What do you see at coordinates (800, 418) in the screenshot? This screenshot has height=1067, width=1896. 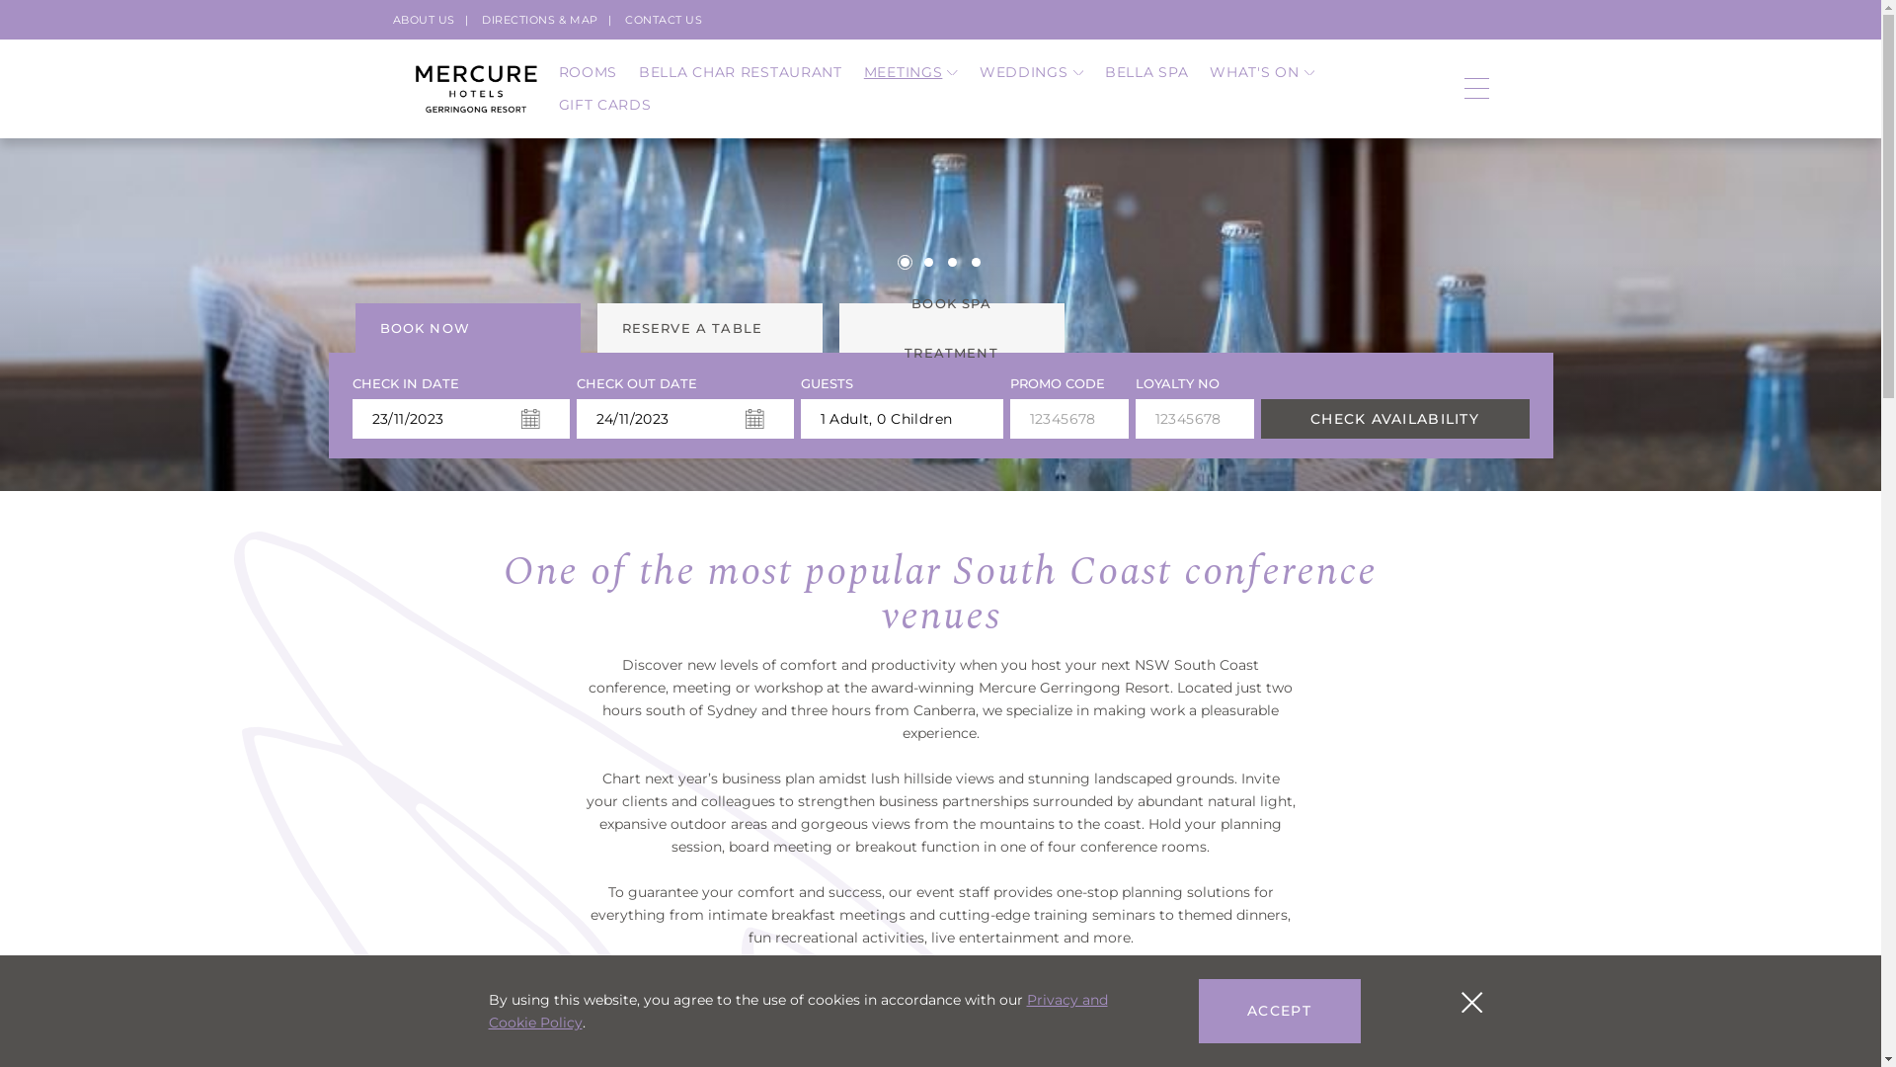 I see `'1 Adult, 0 Children'` at bounding box center [800, 418].